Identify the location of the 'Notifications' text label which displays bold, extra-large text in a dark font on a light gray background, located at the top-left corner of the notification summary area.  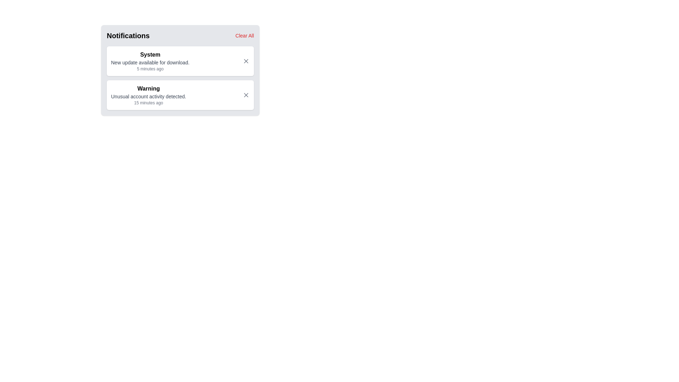
(128, 35).